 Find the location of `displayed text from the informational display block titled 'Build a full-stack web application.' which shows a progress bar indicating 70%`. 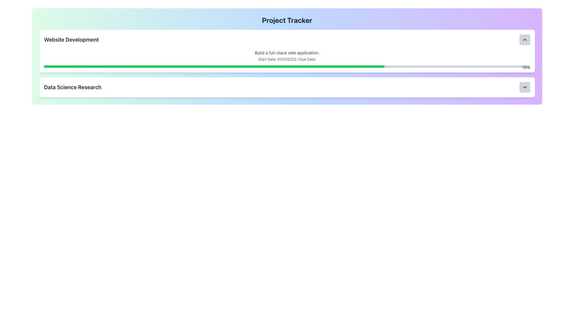

displayed text from the informational display block titled 'Build a full-stack web application.' which shows a progress bar indicating 70% is located at coordinates (287, 59).